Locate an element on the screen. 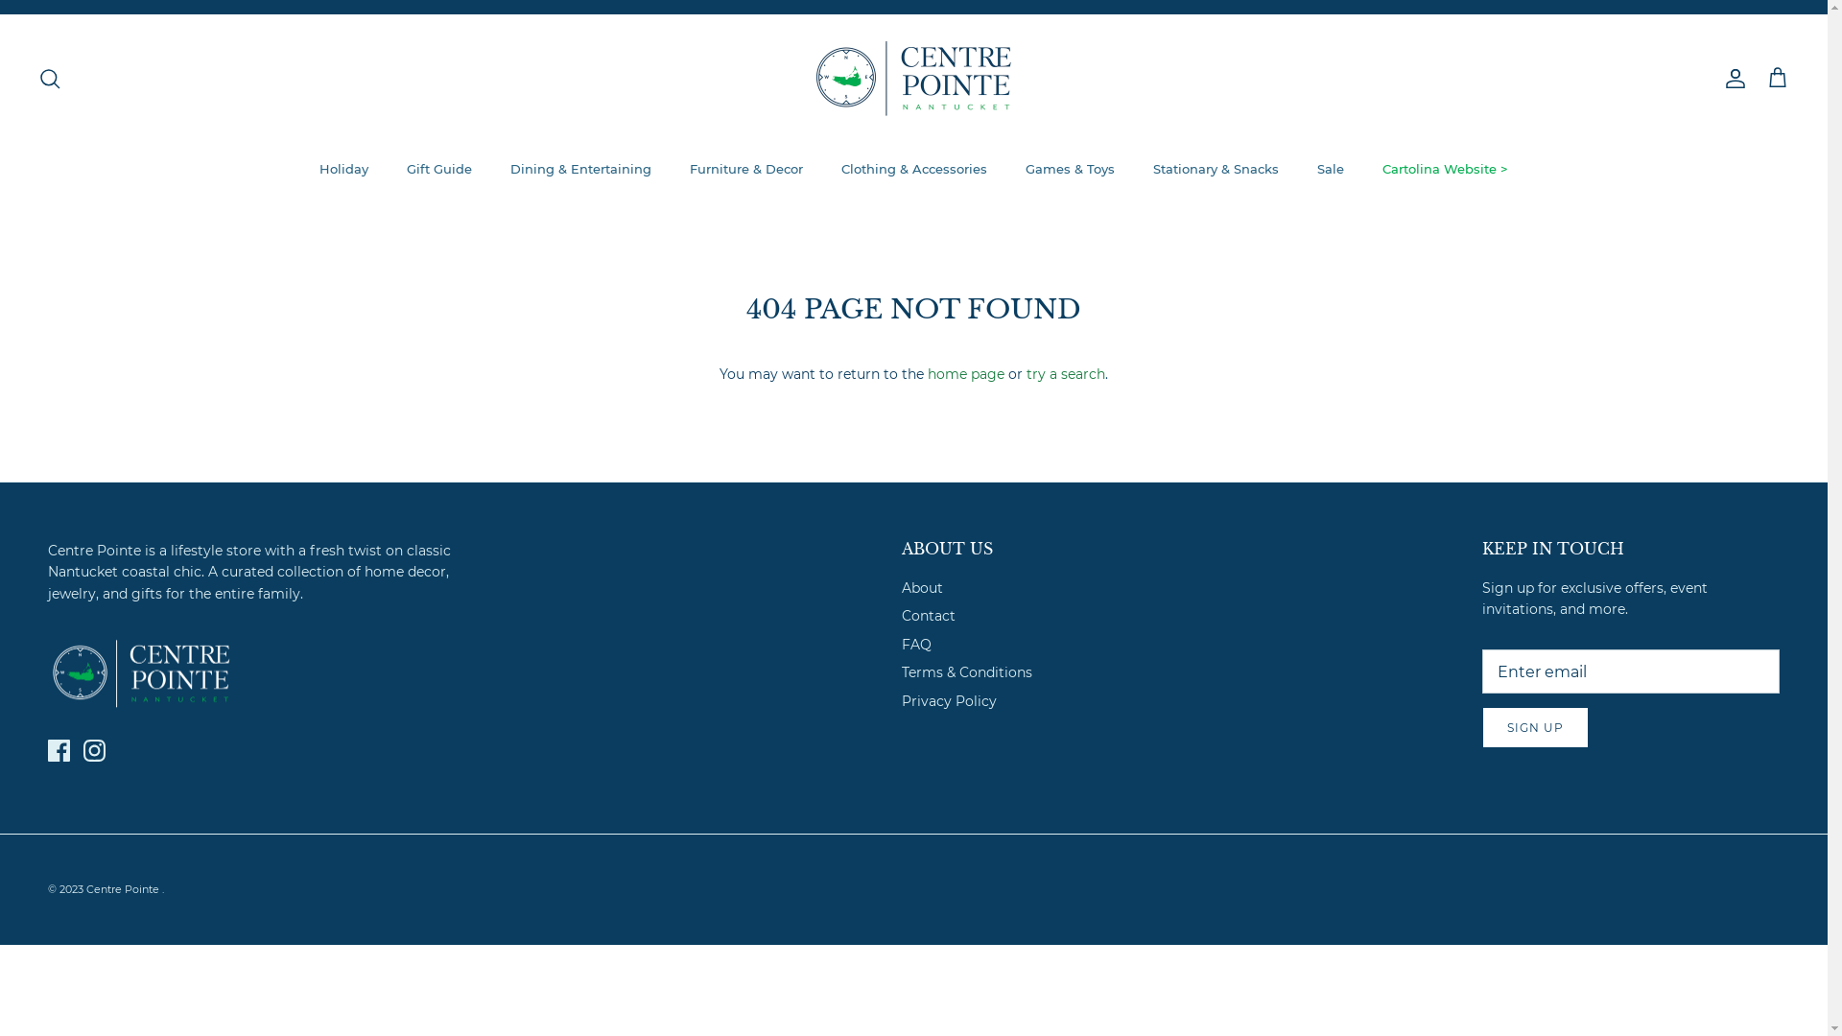 The height and width of the screenshot is (1036, 1842). 'Cart' is located at coordinates (1776, 77).